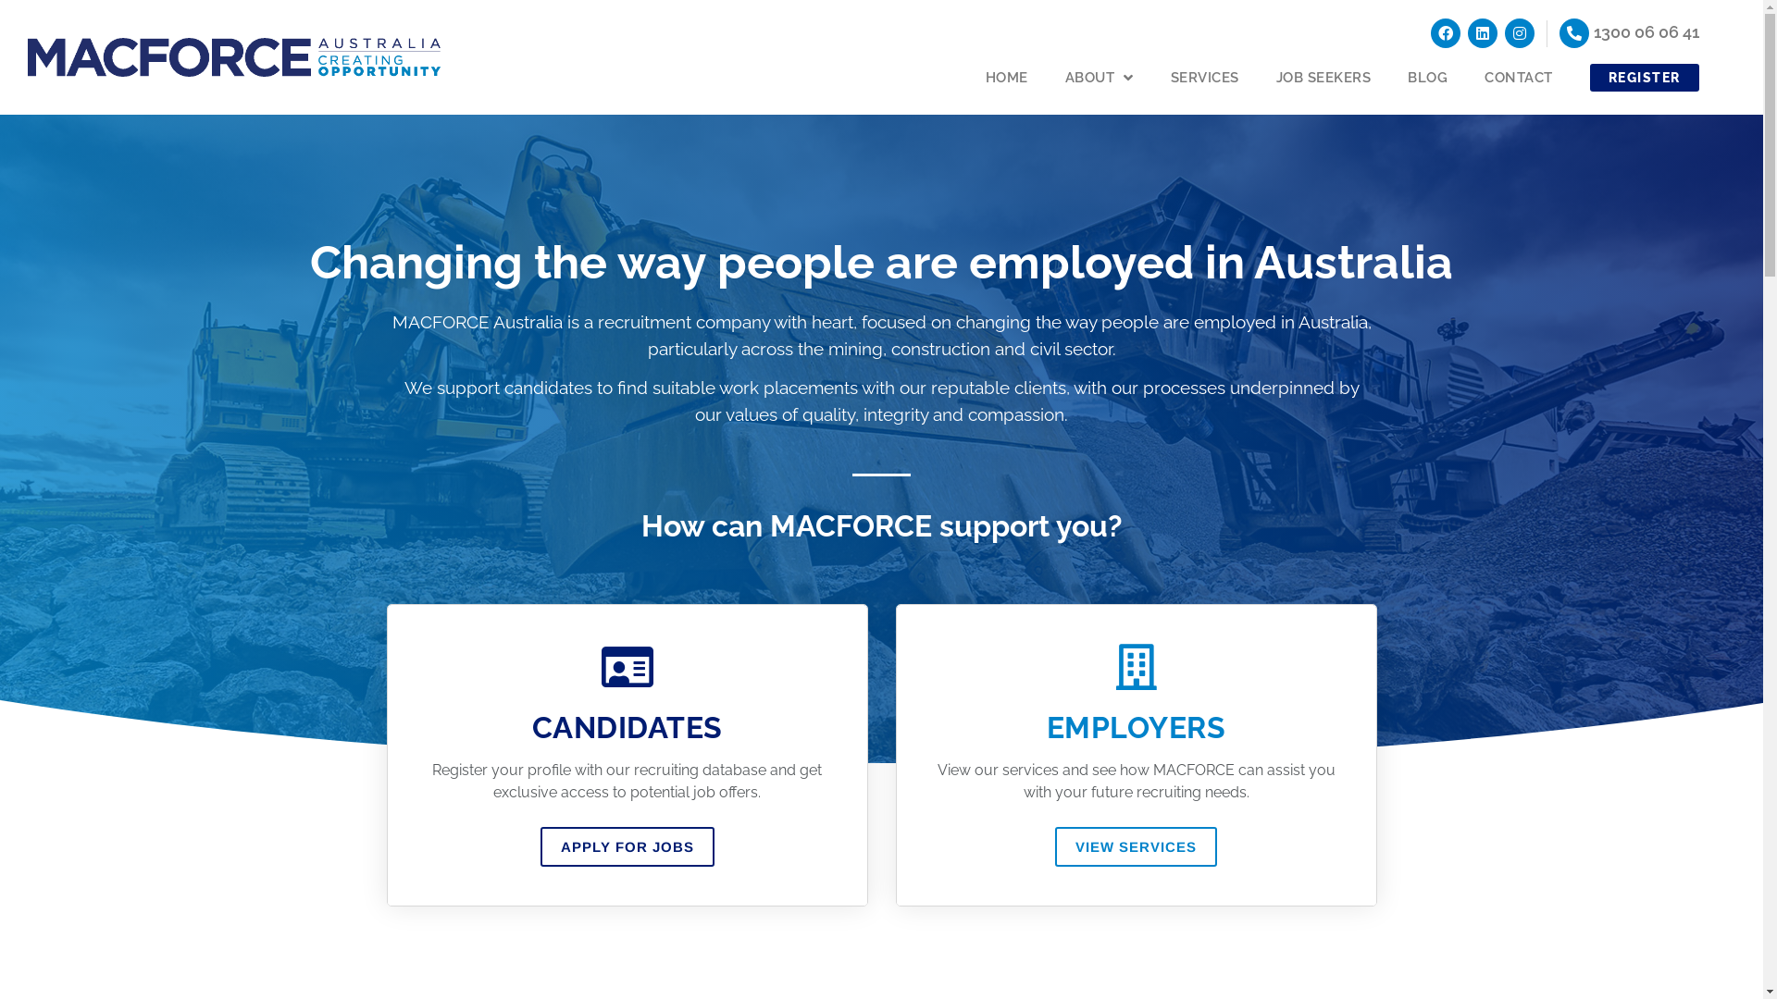  Describe the element at coordinates (1100, 77) in the screenshot. I see `'ABOUT'` at that location.